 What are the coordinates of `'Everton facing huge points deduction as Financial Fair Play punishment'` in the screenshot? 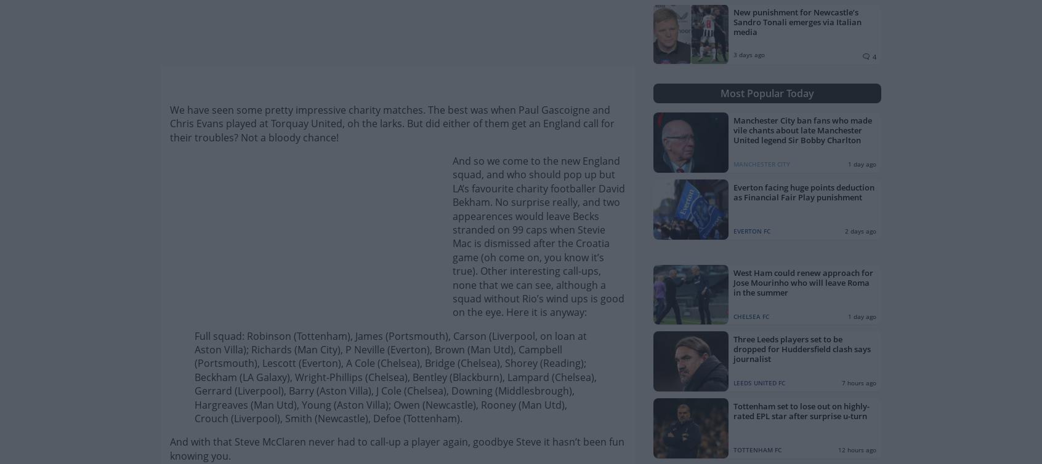 It's located at (803, 191).